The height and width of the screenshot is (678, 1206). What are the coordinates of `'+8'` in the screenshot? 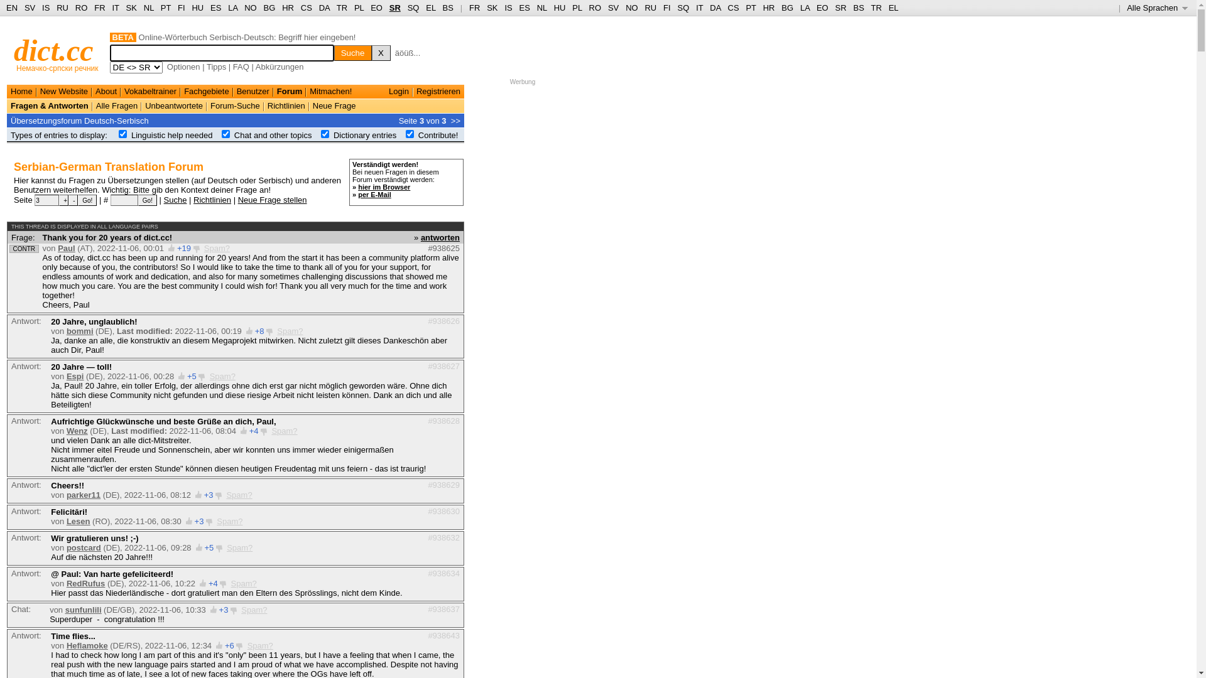 It's located at (259, 330).